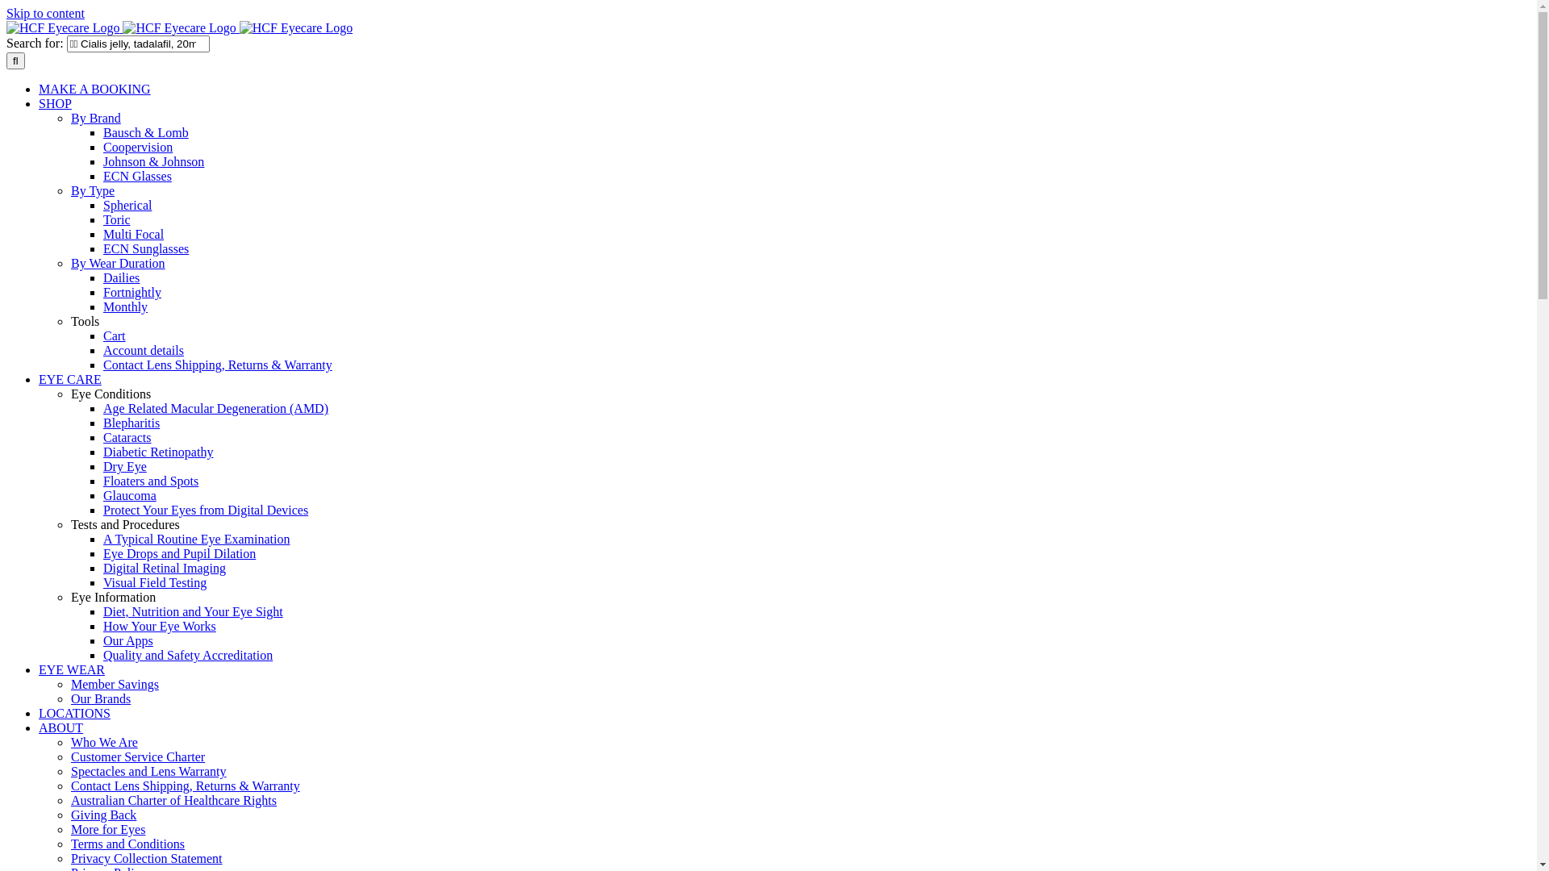 The width and height of the screenshot is (1549, 871). What do you see at coordinates (69, 379) in the screenshot?
I see `'EYE CARE'` at bounding box center [69, 379].